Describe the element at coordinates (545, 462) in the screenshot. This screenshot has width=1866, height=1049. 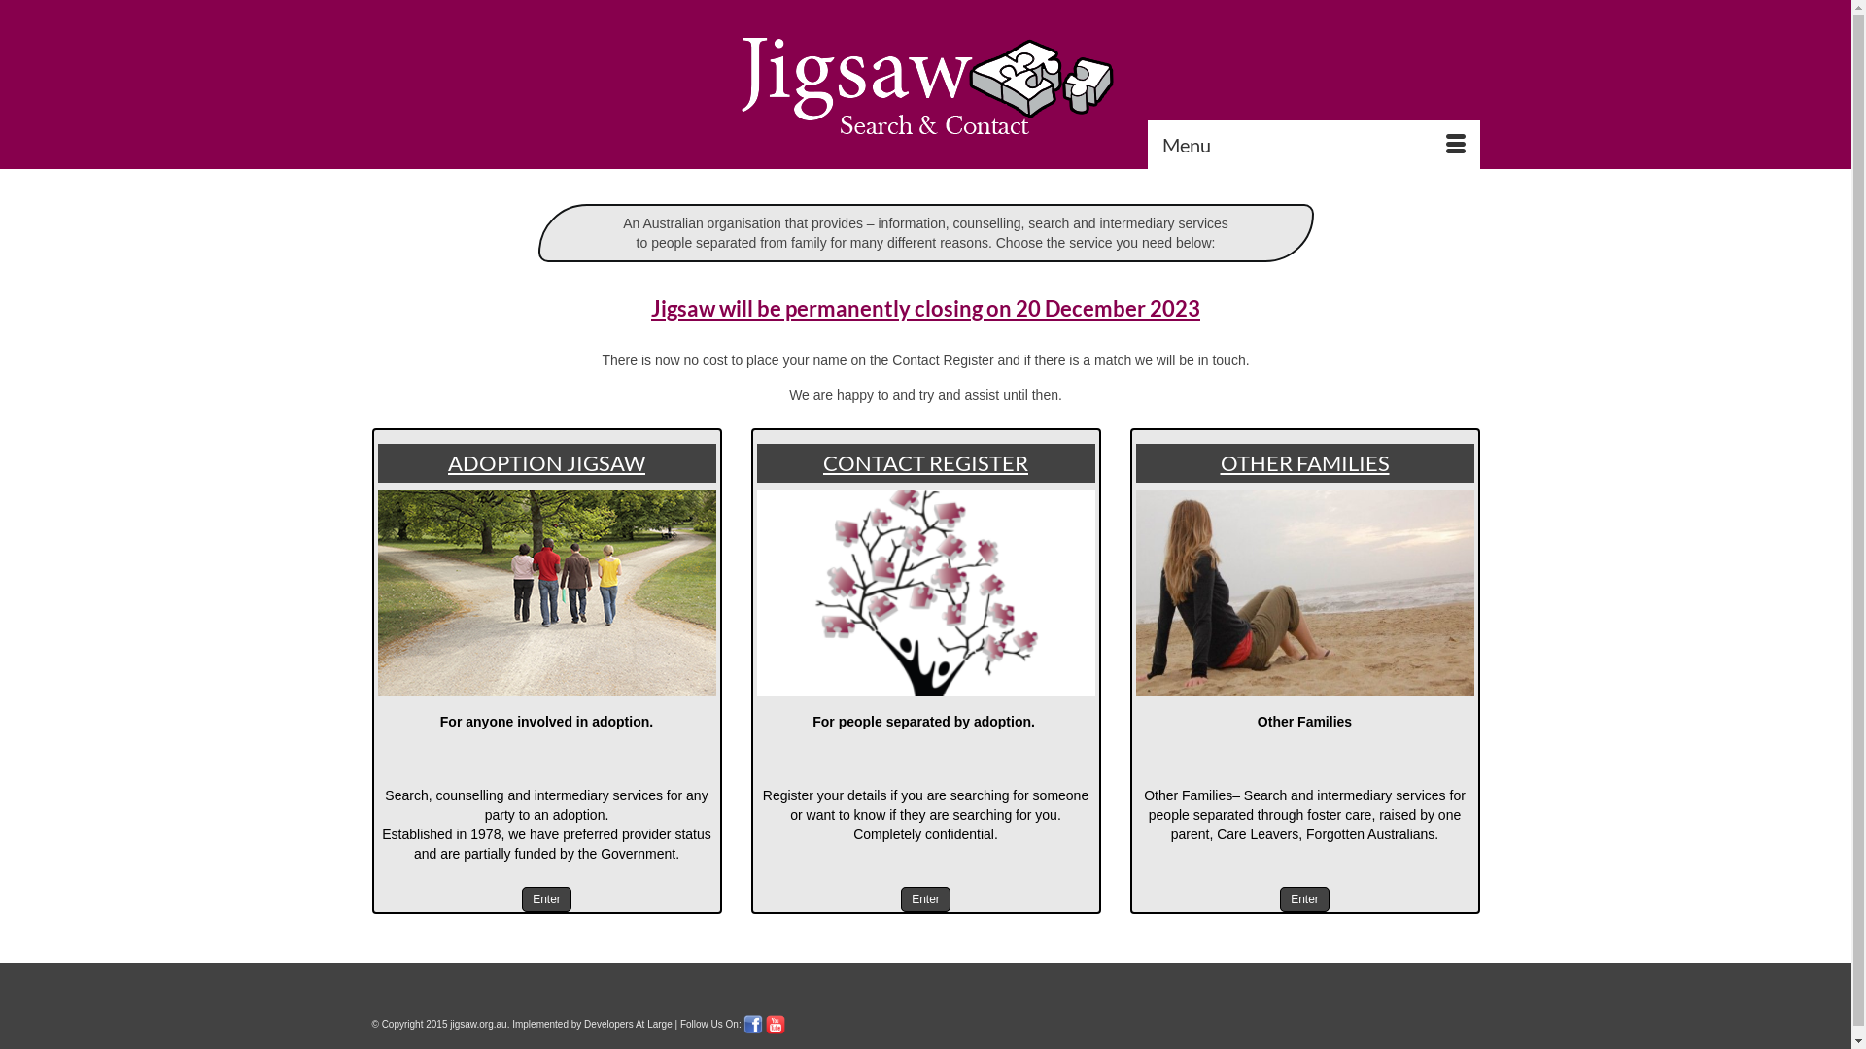
I see `'ADOPTION JIGSAW'` at that location.